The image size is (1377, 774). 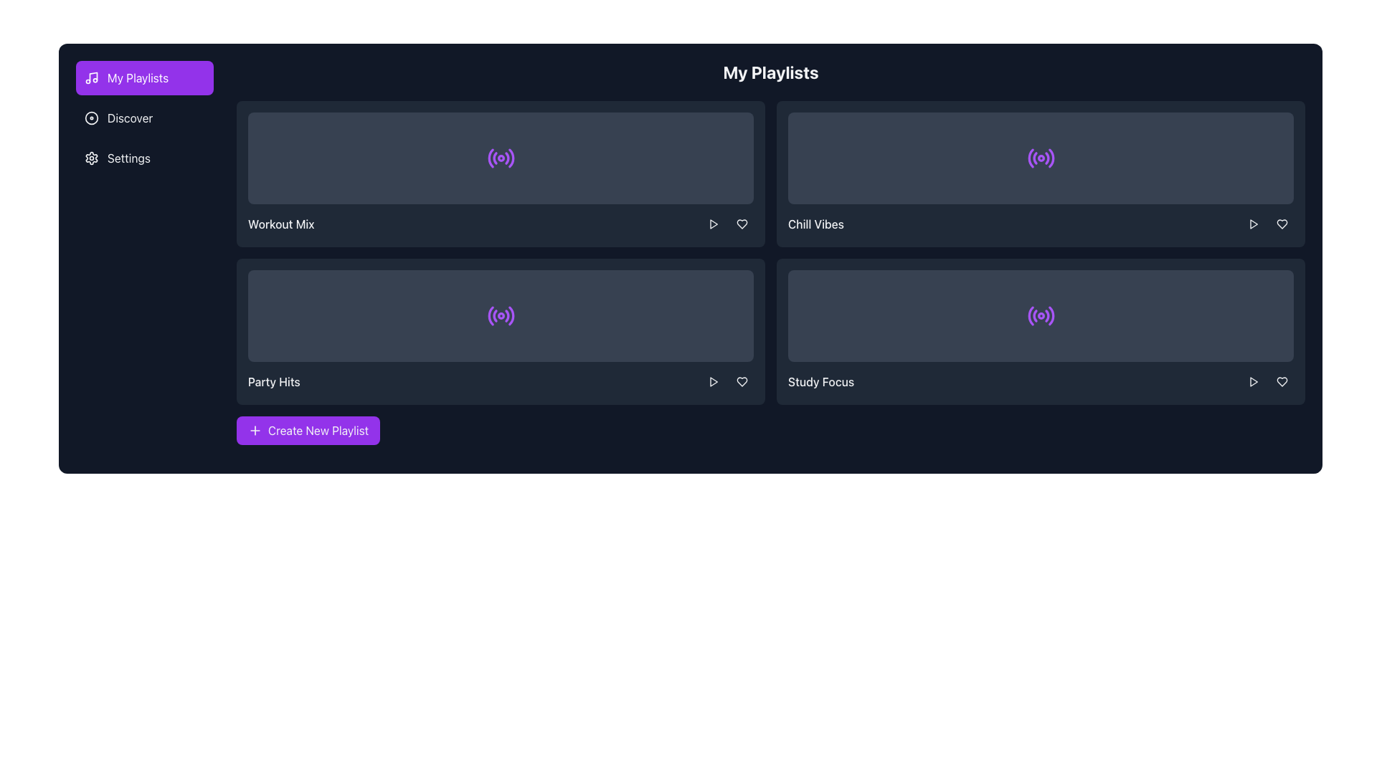 What do you see at coordinates (91, 158) in the screenshot?
I see `the settings icon located in the left sidebar, adjacent to the 'Settings' label` at bounding box center [91, 158].